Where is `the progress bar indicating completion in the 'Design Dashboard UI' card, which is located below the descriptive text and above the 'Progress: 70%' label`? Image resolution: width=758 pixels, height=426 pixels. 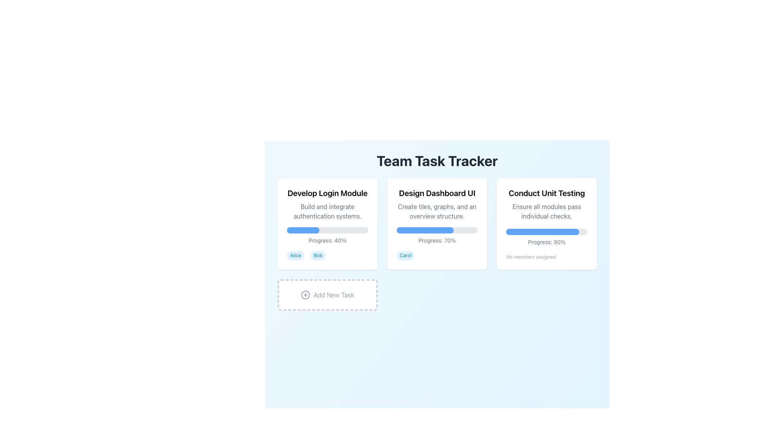
the progress bar indicating completion in the 'Design Dashboard UI' card, which is located below the descriptive text and above the 'Progress: 70%' label is located at coordinates (437, 230).